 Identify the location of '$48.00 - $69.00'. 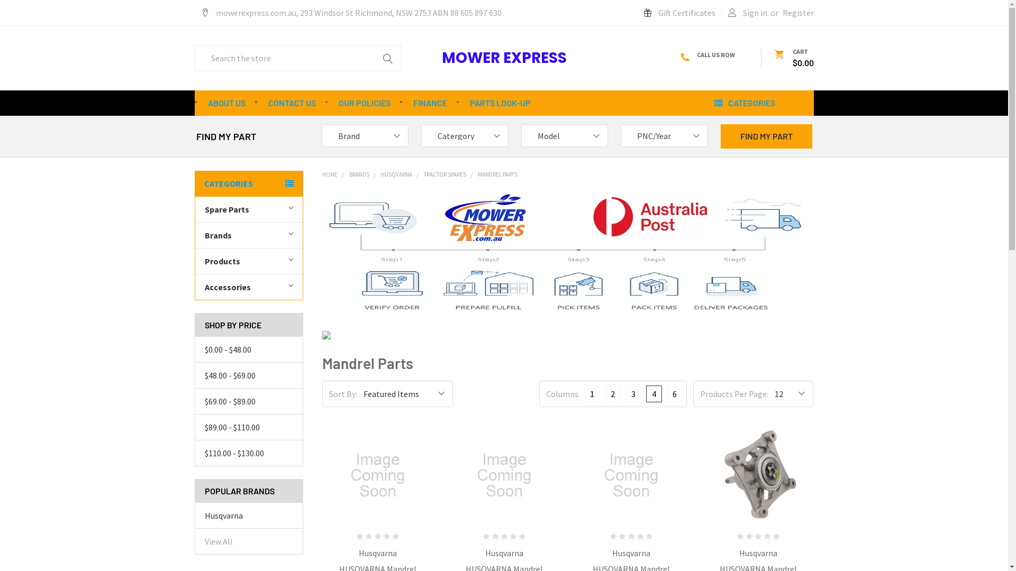
(248, 374).